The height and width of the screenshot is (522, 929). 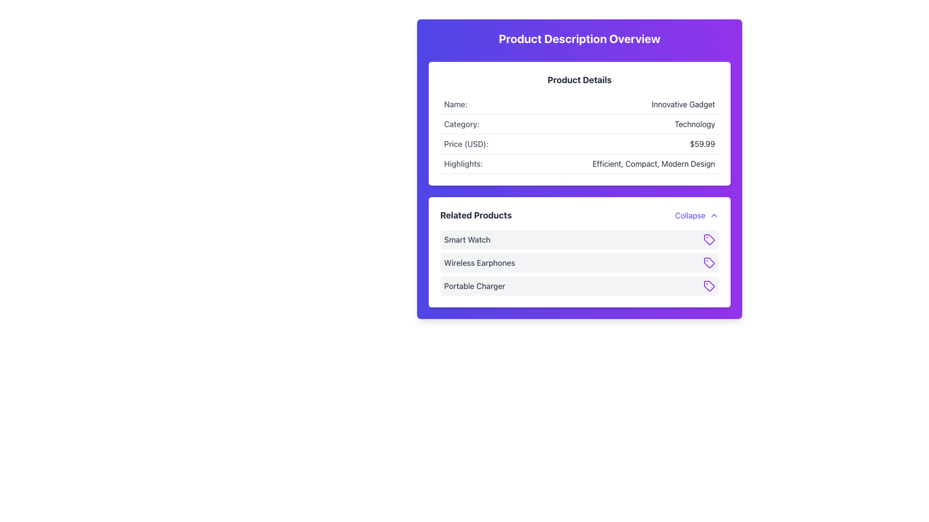 I want to click on the Text Label displaying product highlights in the 'Product Details' section, located below the 'Price (USD):' field and adjacent to 'Highlights:', so click(x=654, y=163).